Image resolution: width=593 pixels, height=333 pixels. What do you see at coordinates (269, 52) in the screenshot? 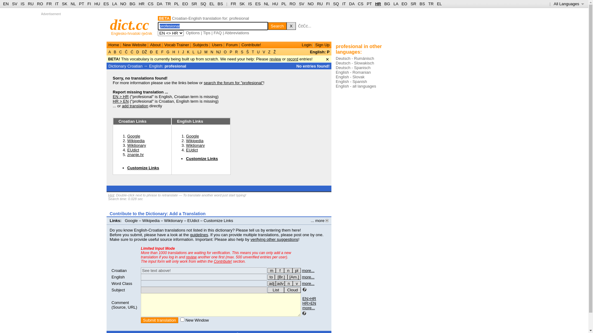
I see `'Z'` at bounding box center [269, 52].